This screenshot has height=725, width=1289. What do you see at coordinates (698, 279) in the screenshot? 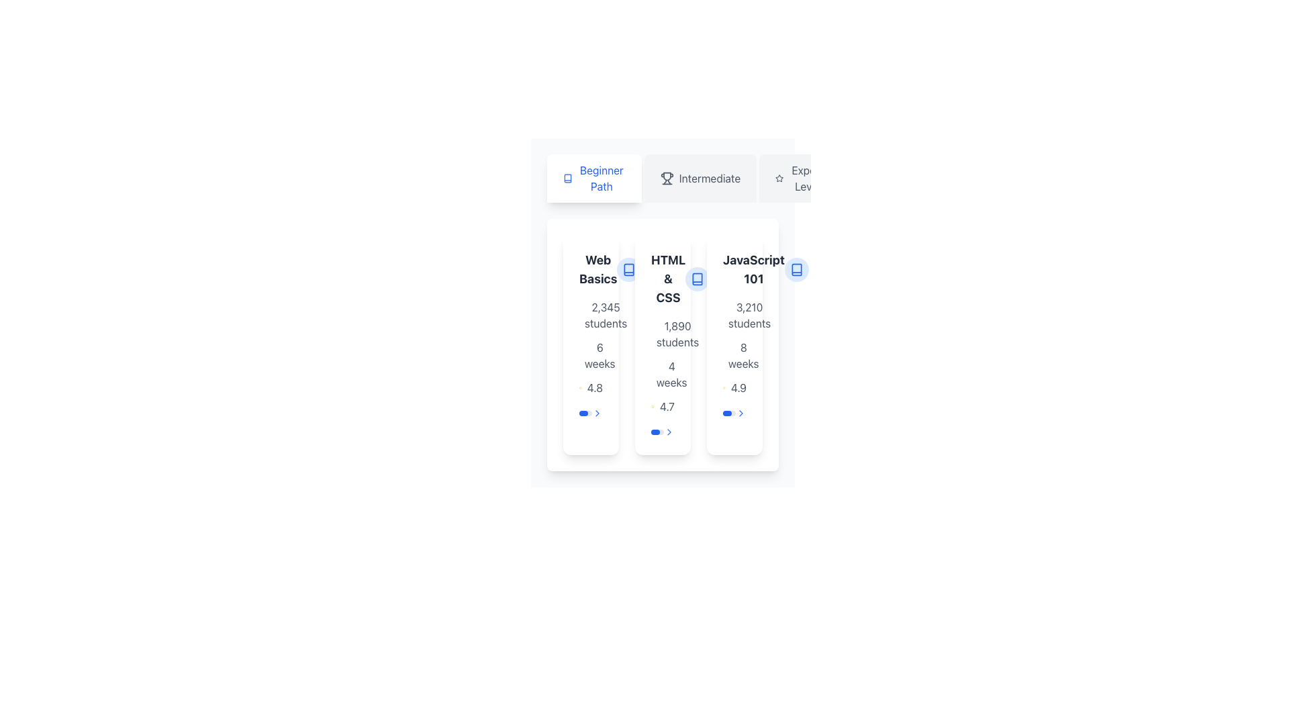
I see `the icon located at the top right of the 'HTML & CSS' card, which serves as a visual indicator for the course` at bounding box center [698, 279].